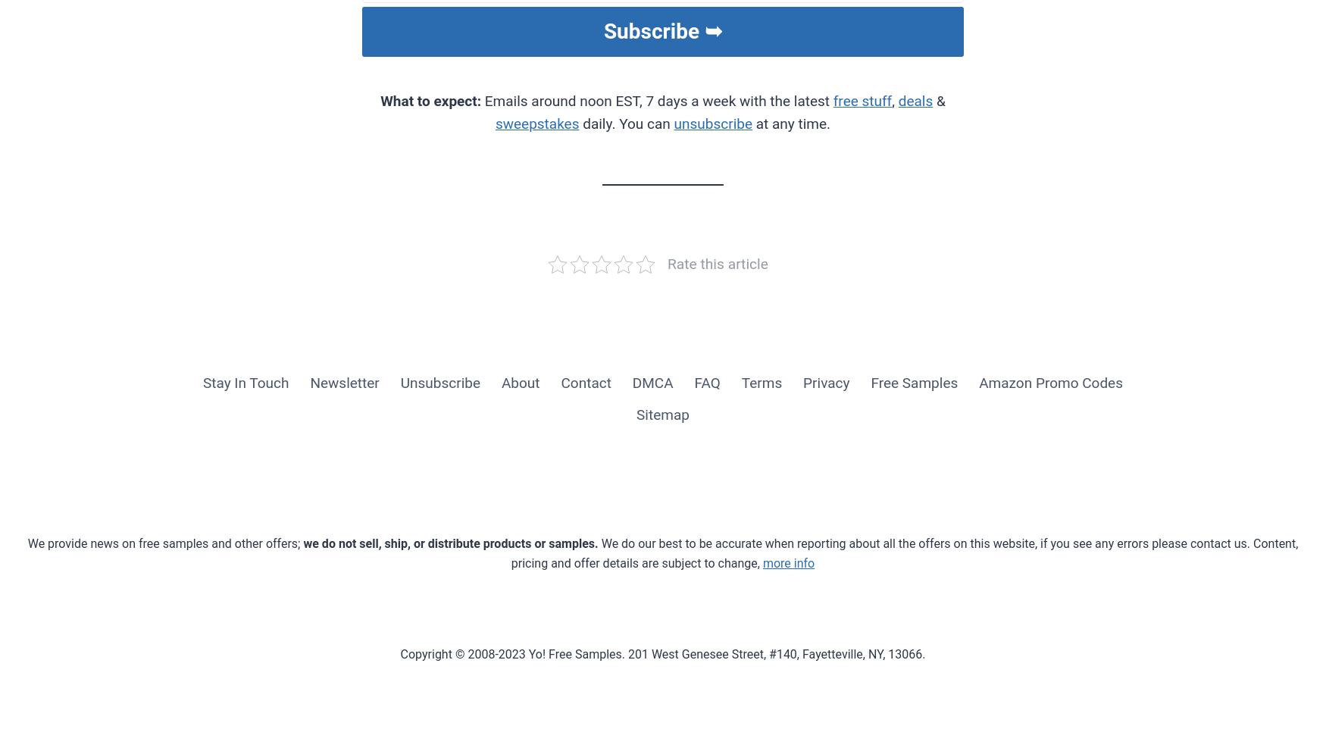  What do you see at coordinates (787, 562) in the screenshot?
I see `'more info'` at bounding box center [787, 562].